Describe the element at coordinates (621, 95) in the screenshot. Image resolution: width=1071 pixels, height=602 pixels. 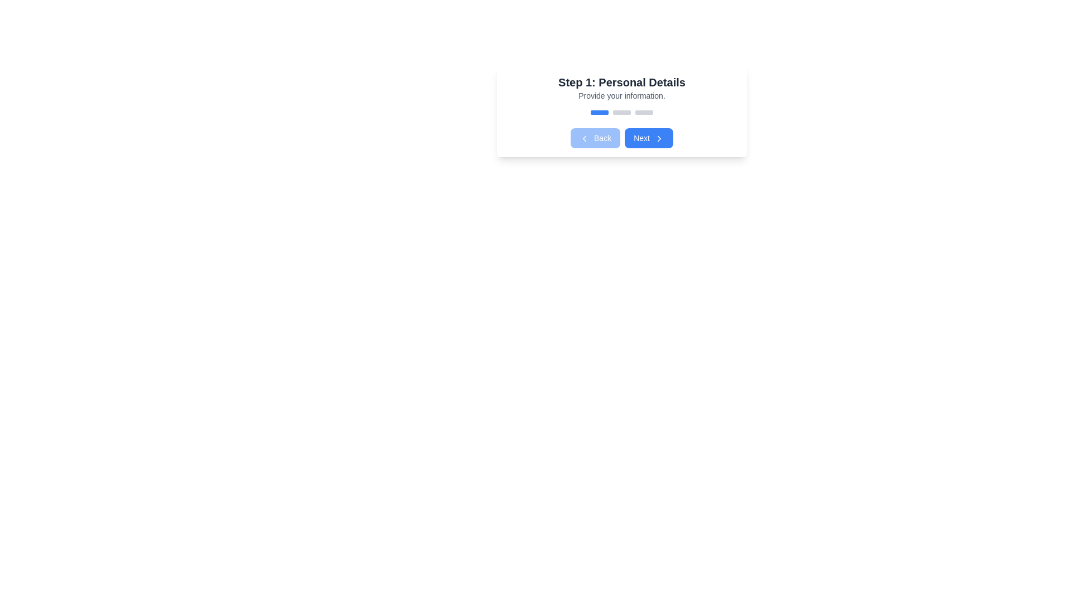
I see `the text label reading 'Provide your information.' which is styled in a small gray font and positioned below the title 'Step 1: Personal Details'` at that location.